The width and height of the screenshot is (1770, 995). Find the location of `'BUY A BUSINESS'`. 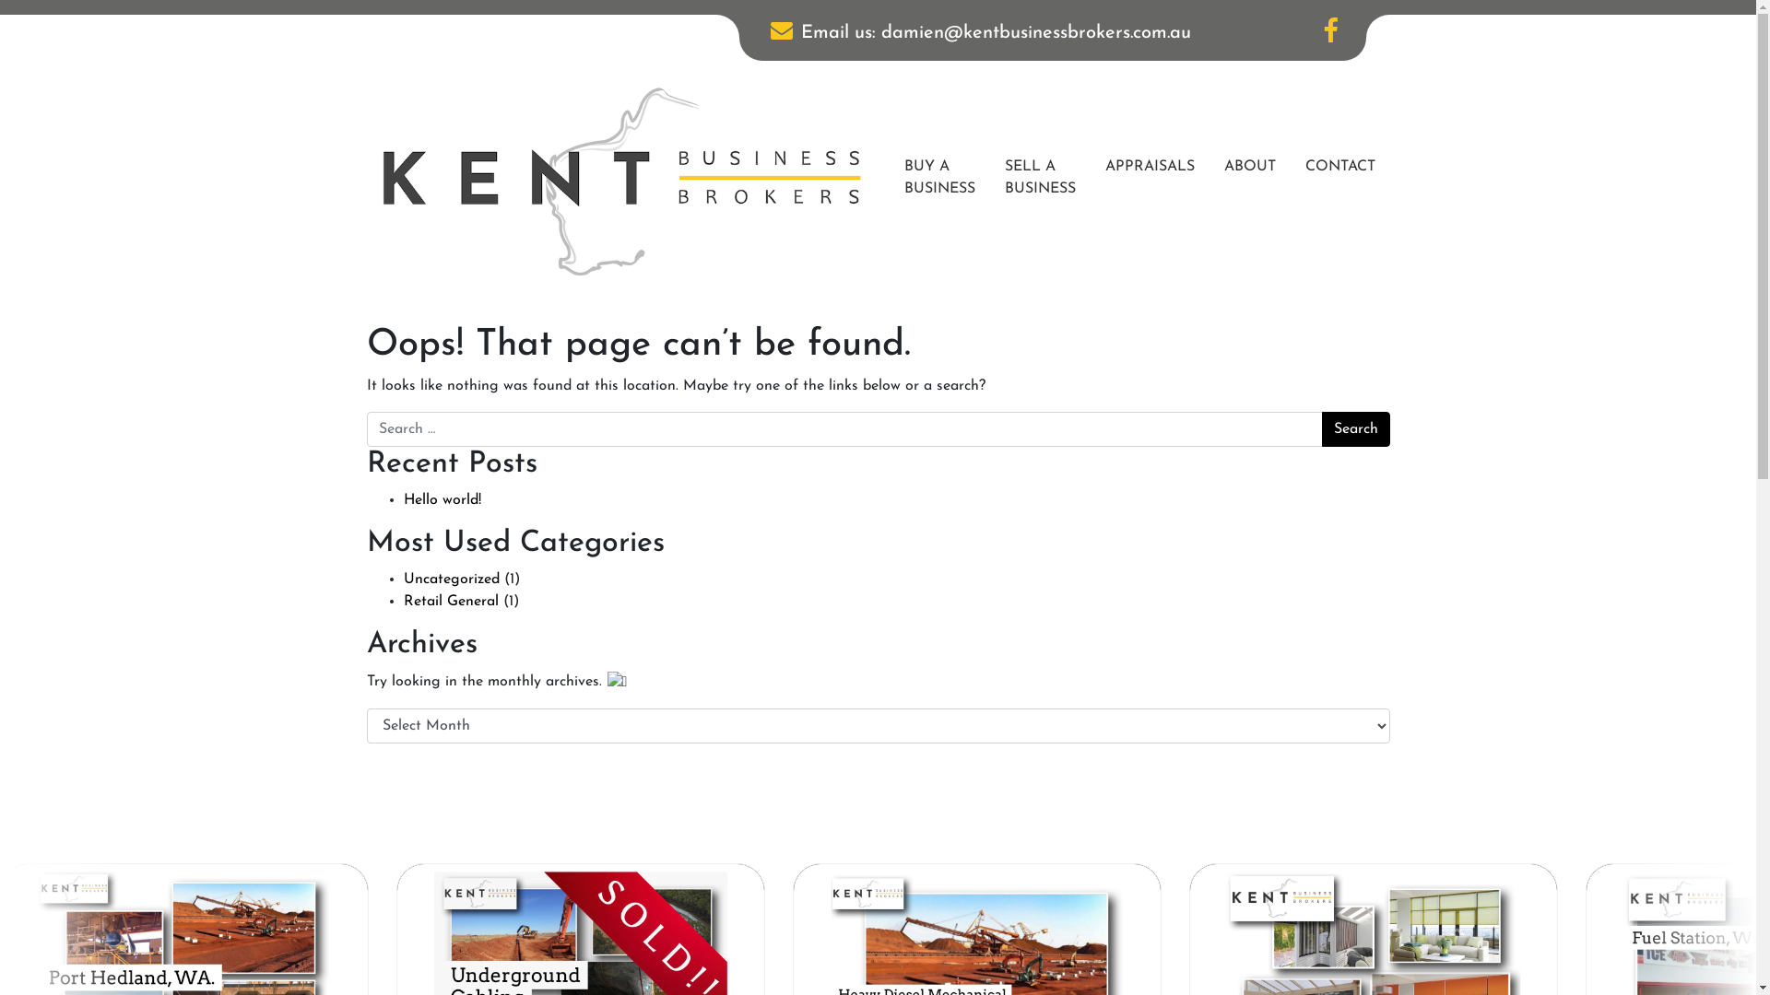

'BUY A BUSINESS' is located at coordinates (938, 177).